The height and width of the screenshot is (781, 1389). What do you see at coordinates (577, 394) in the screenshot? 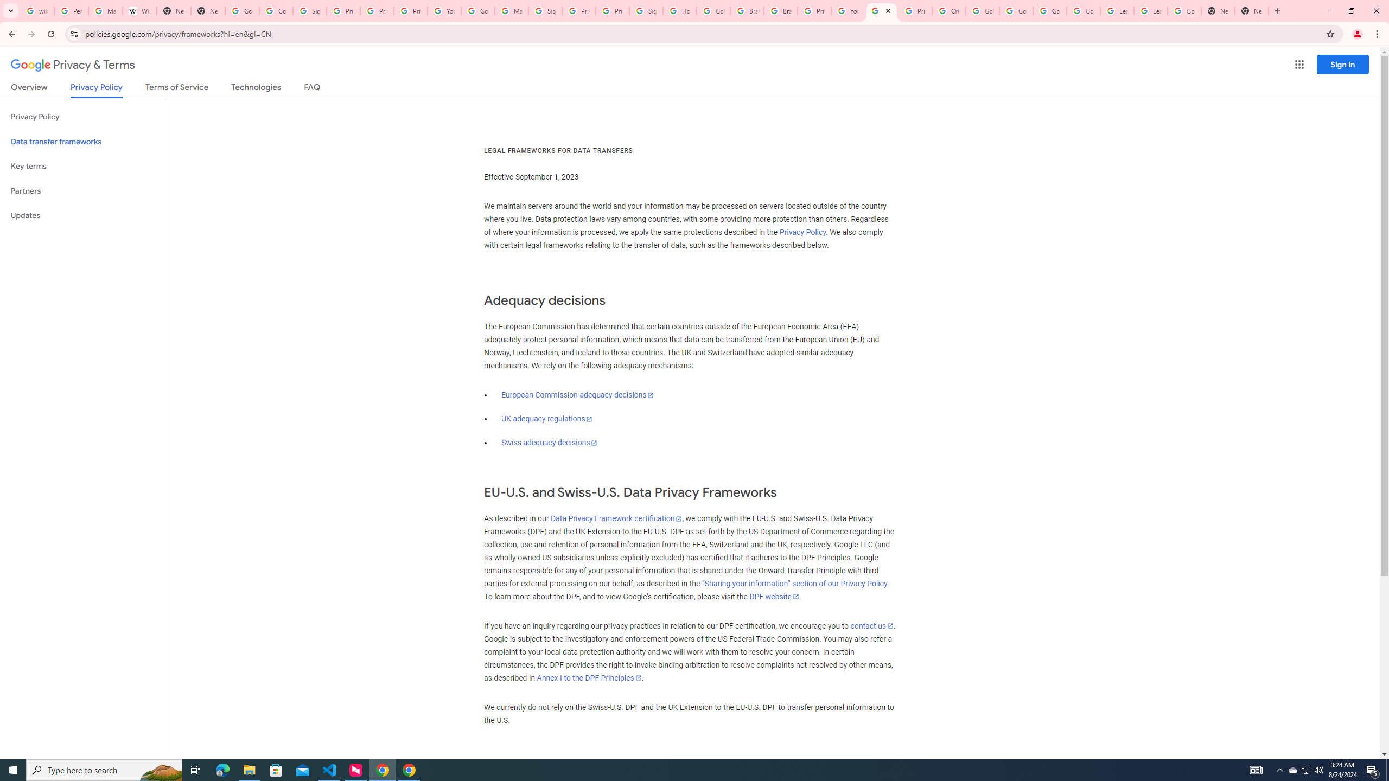
I see `'European Commission adequacy decisions'` at bounding box center [577, 394].